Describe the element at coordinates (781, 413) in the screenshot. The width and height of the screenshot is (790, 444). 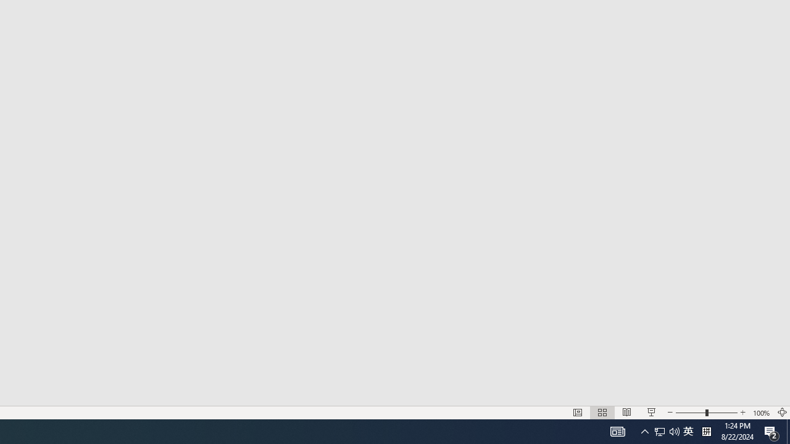
I see `'Zoom to Fit '` at that location.